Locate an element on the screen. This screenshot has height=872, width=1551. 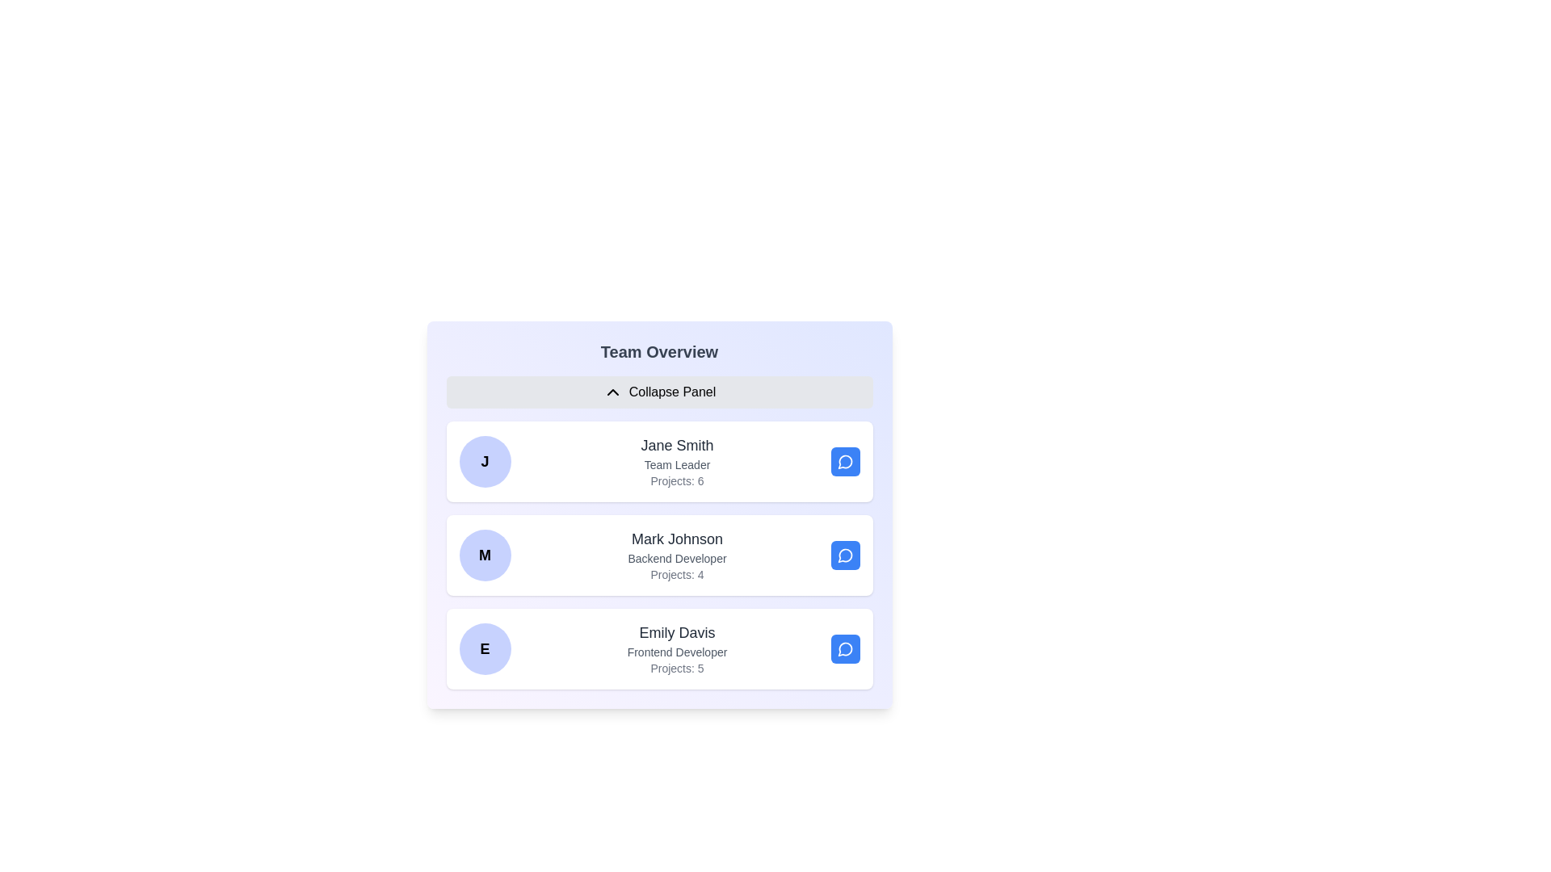
the messaging button located in the rightmost section of the first entry for 'Jane Smith' is located at coordinates (844, 461).